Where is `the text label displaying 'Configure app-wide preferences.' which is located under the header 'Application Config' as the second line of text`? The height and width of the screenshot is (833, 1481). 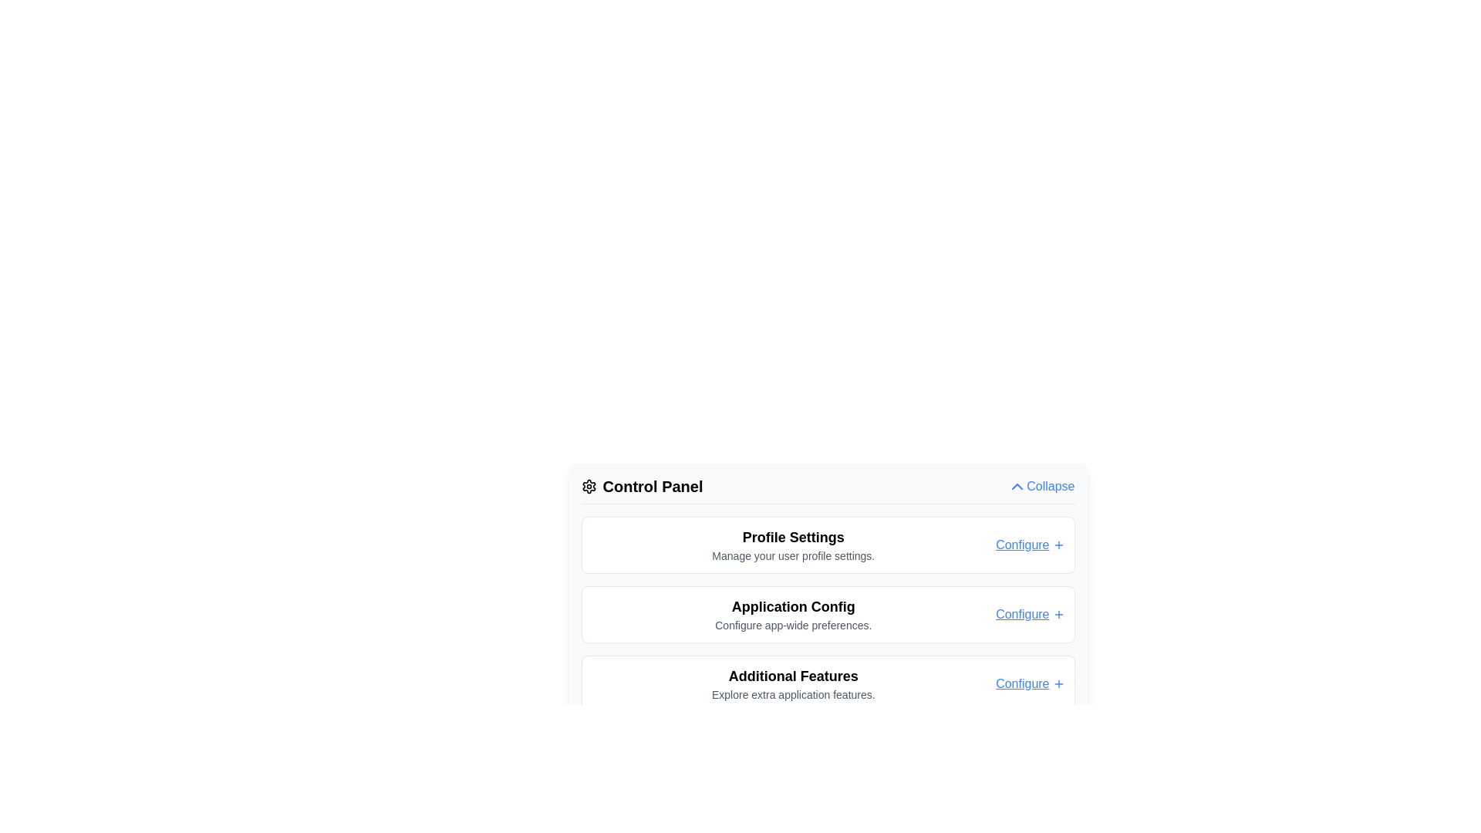 the text label displaying 'Configure app-wide preferences.' which is located under the header 'Application Config' as the second line of text is located at coordinates (793, 625).